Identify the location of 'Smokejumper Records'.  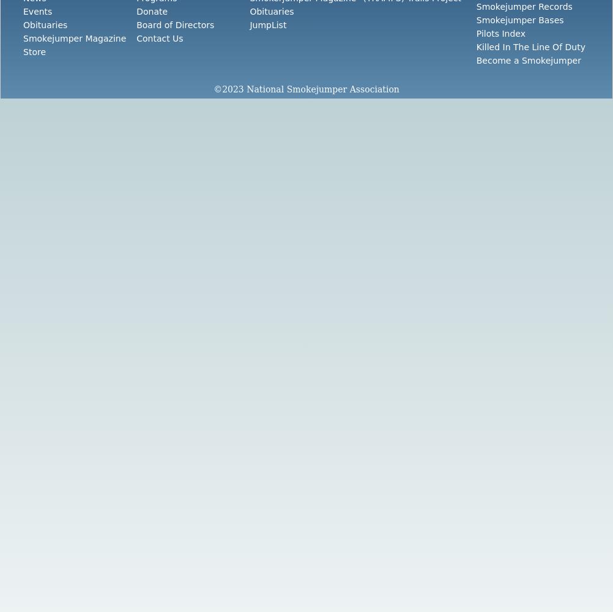
(524, 7).